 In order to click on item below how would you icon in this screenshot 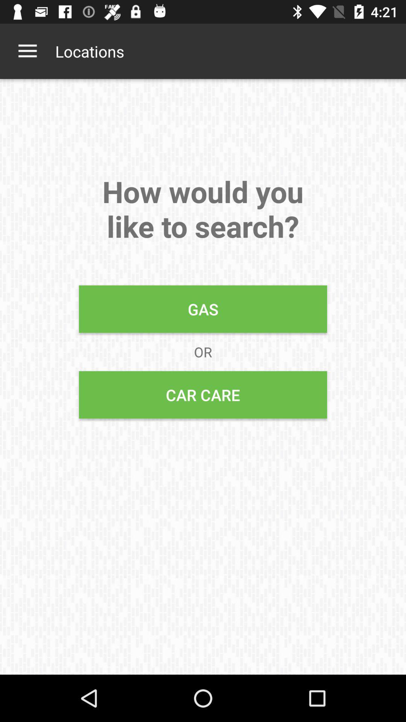, I will do `click(203, 309)`.